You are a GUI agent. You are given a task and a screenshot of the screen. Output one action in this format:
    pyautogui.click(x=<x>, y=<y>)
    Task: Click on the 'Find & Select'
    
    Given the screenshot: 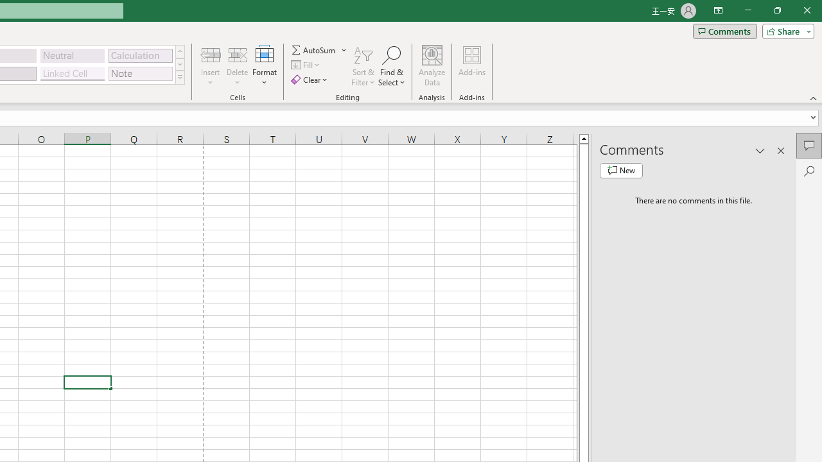 What is the action you would take?
    pyautogui.click(x=391, y=66)
    